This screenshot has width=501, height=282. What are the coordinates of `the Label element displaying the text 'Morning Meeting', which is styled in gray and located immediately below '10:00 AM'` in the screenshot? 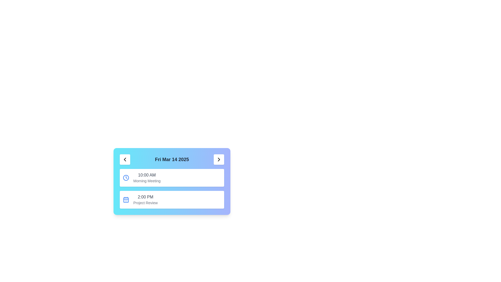 It's located at (147, 181).